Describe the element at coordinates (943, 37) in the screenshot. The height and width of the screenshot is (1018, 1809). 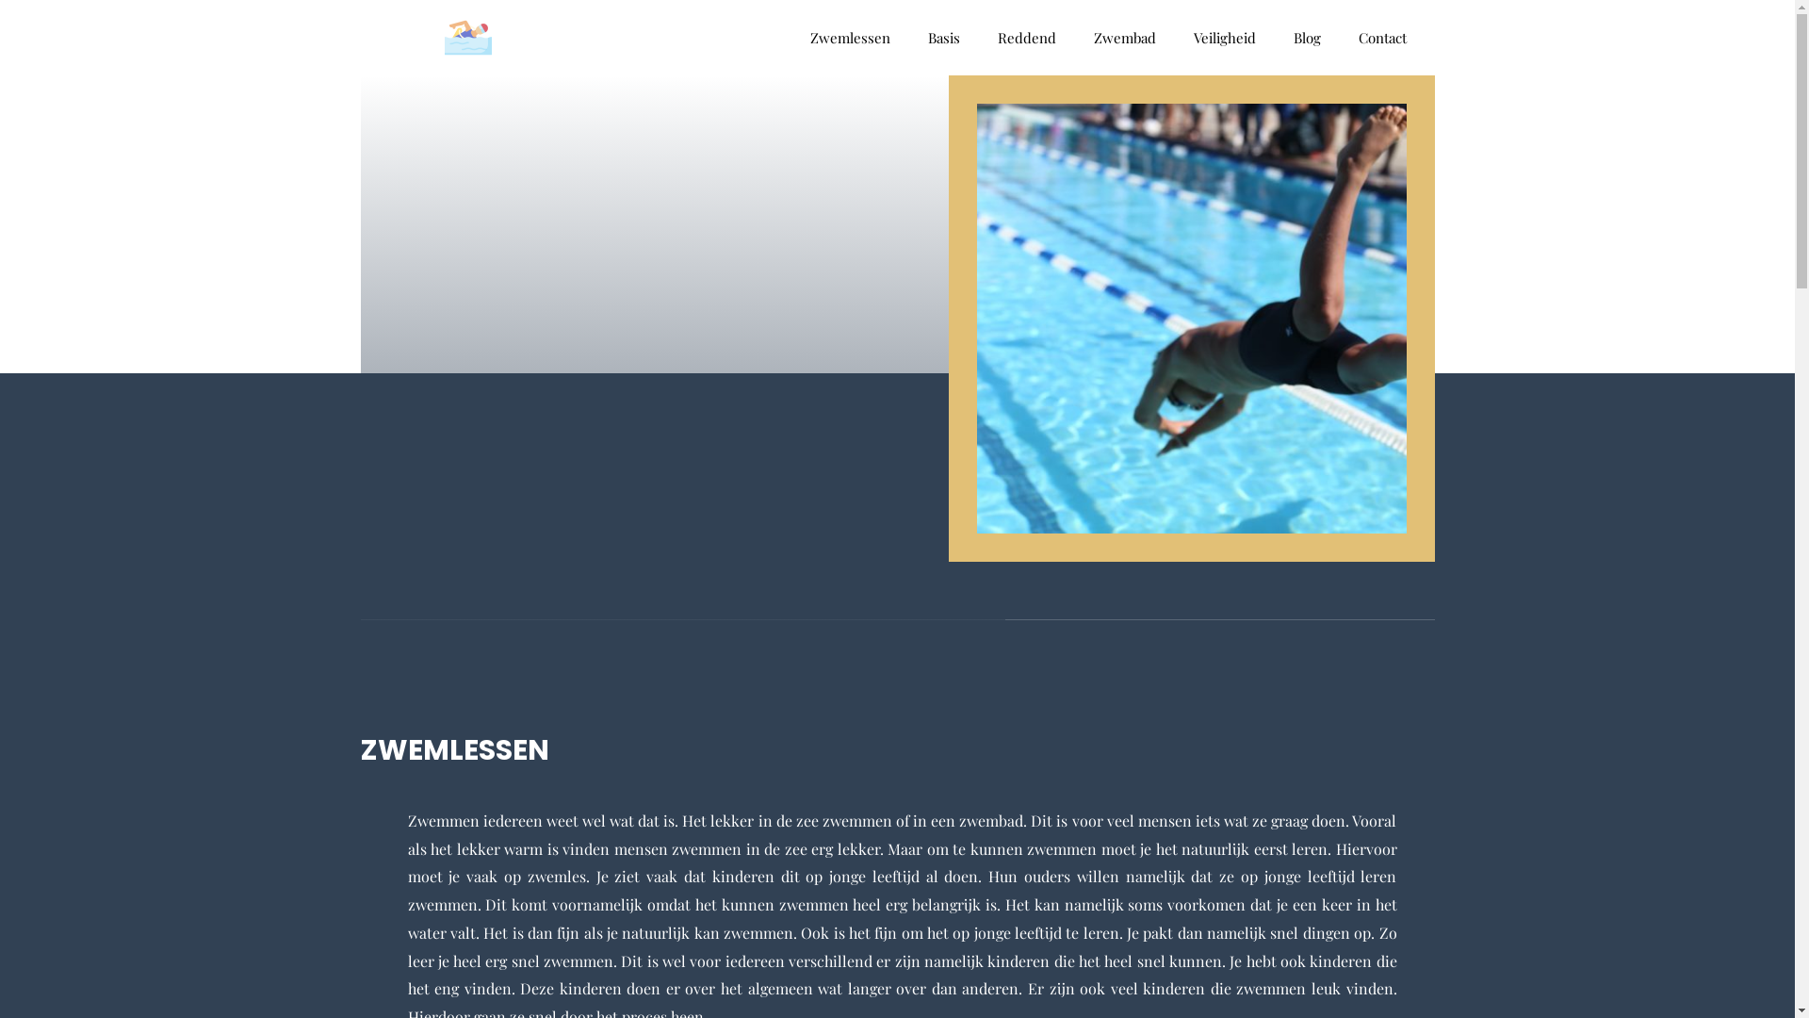
I see `'Basis'` at that location.